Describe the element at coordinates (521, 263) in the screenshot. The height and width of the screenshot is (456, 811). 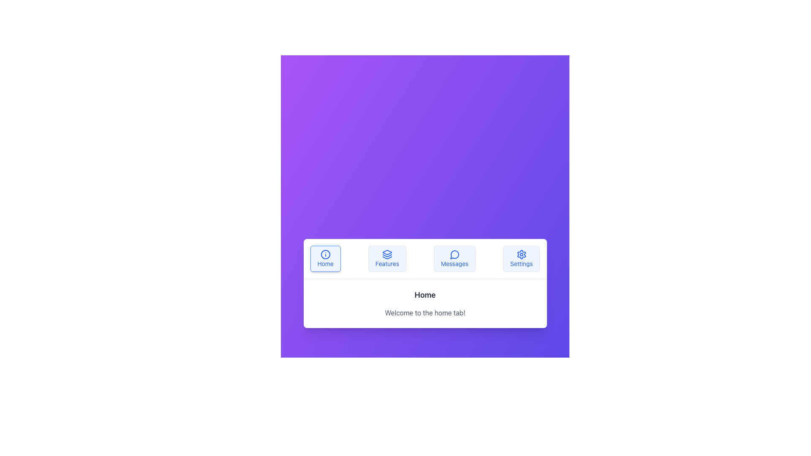
I see `the descriptive label for the Settings button, which is located at the bottom area underneath a gear icon in the horizontal menu bar` at that location.